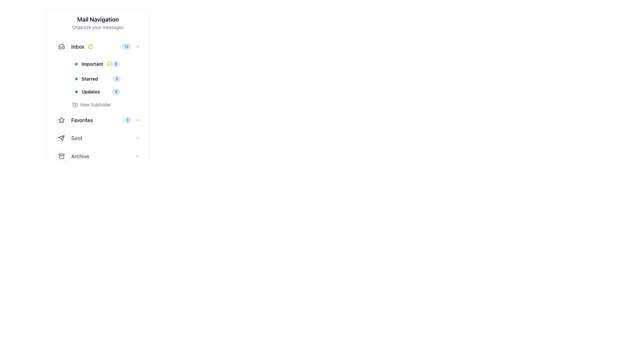  What do you see at coordinates (62, 120) in the screenshot?
I see `the star-shaped icon with a gray outline and hollow center located in the left navigation menu under the 'Favorites' section to change its color to blue` at bounding box center [62, 120].